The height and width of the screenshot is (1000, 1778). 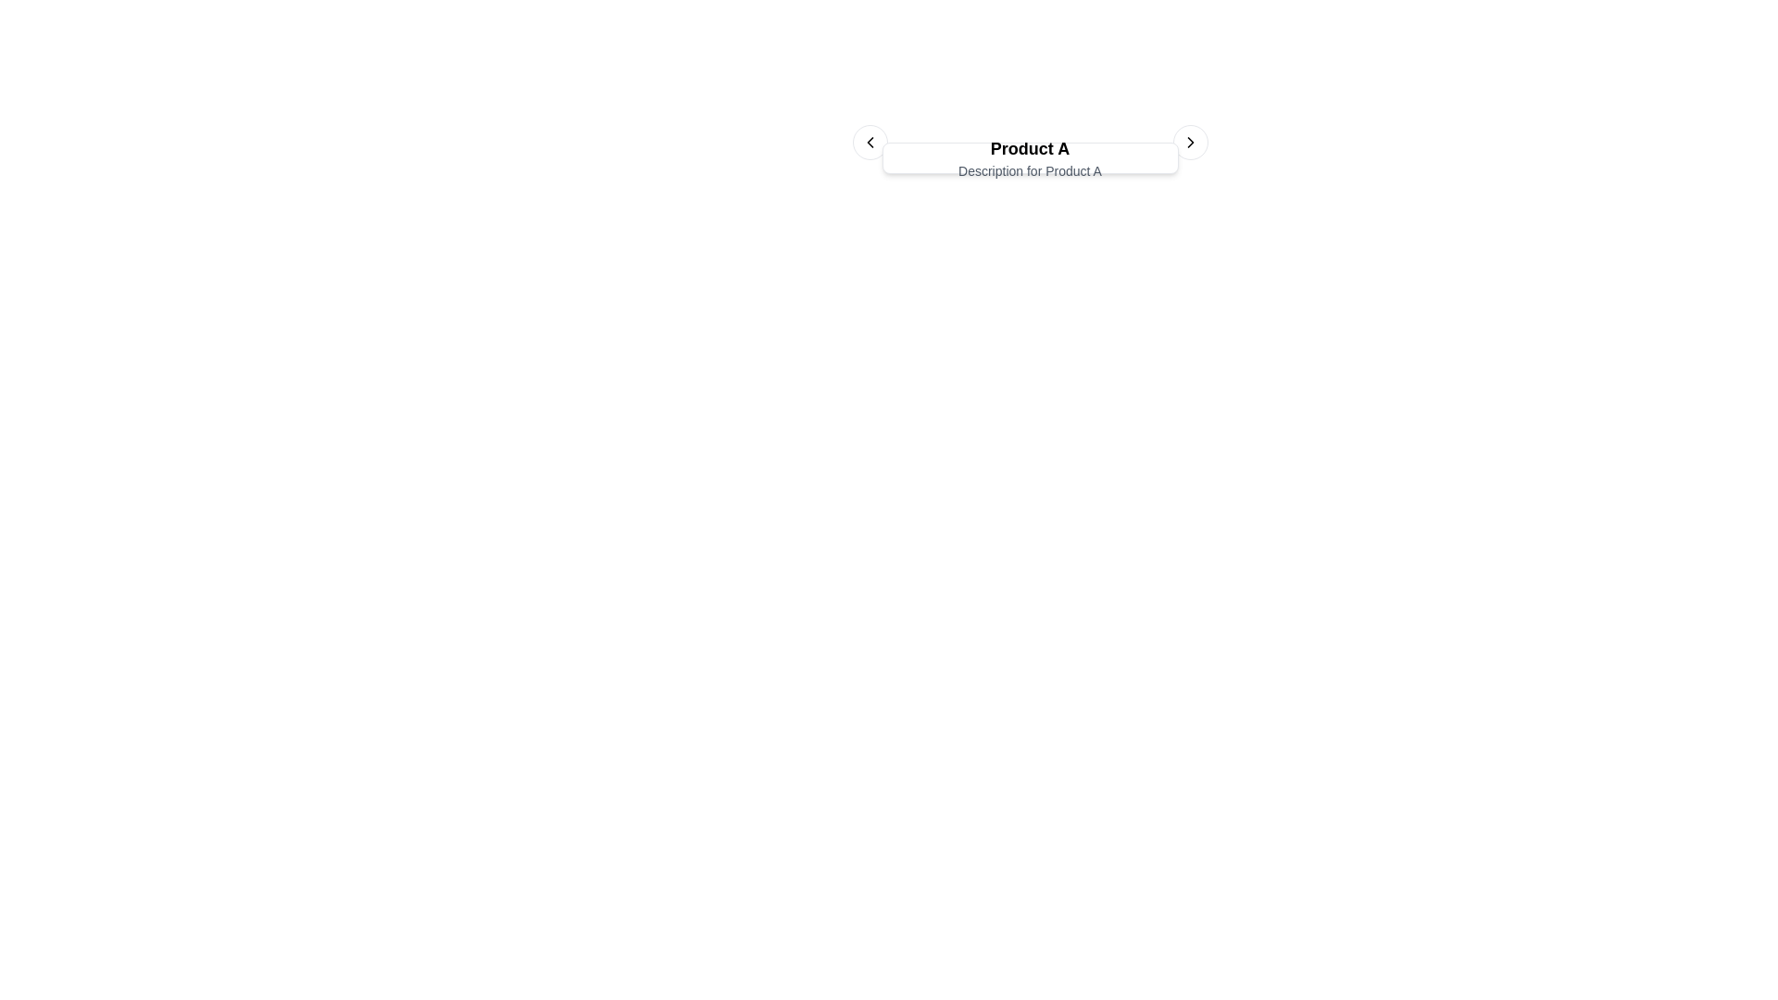 I want to click on the navigation arrow icon located within the left circular navigation button, which is positioned to the left of the text label 'Product A', so click(x=869, y=142).